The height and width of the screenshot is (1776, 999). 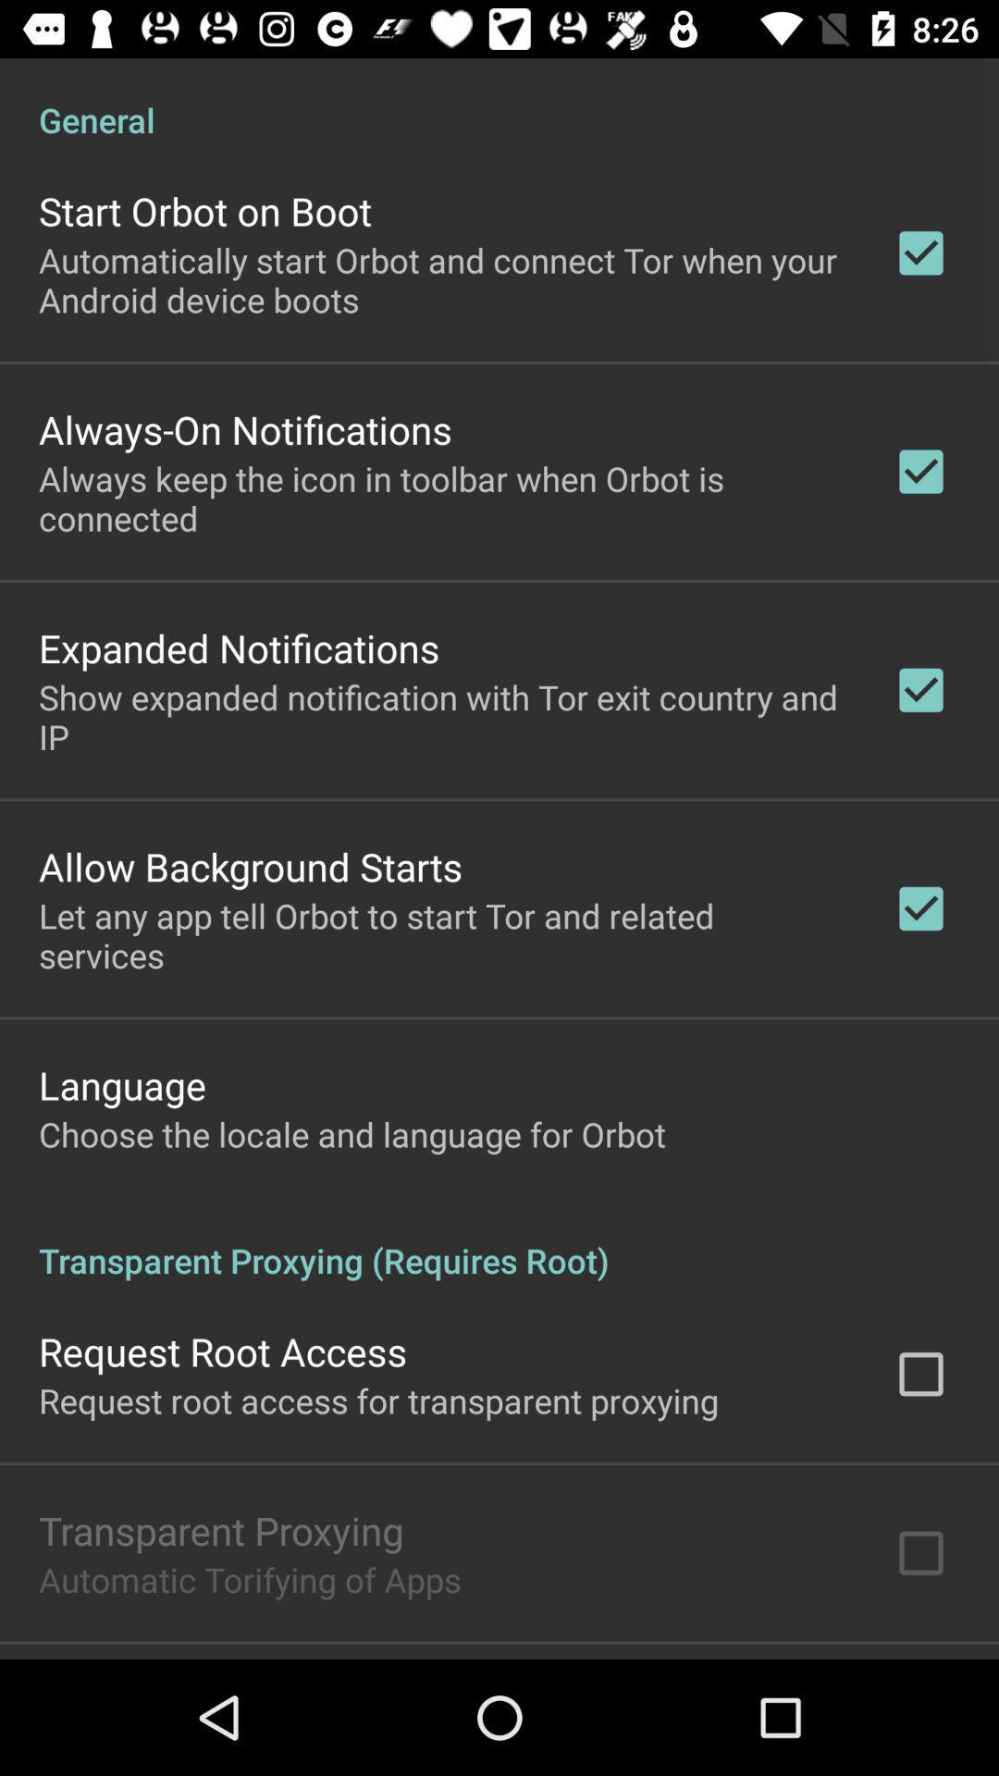 I want to click on the app below the transparent proxying app, so click(x=250, y=1578).